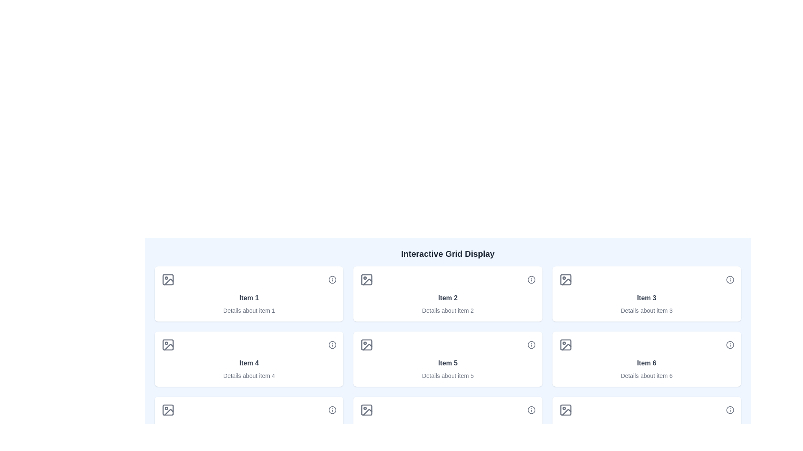 The width and height of the screenshot is (803, 451). Describe the element at coordinates (332, 280) in the screenshot. I see `the help icon located in the top-right corner of the 'Item 1' card` at that location.